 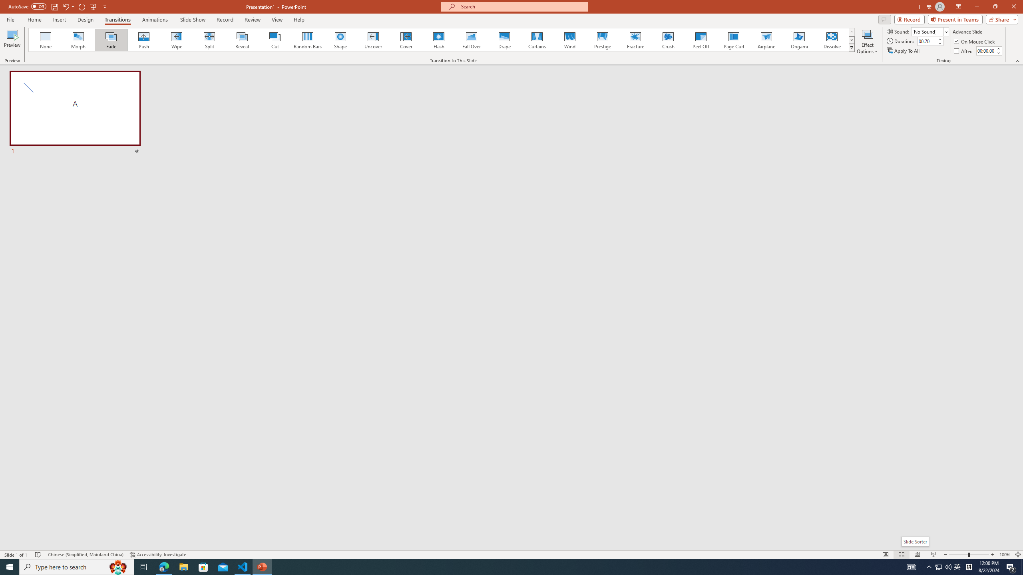 I want to click on 'Flash', so click(x=438, y=40).